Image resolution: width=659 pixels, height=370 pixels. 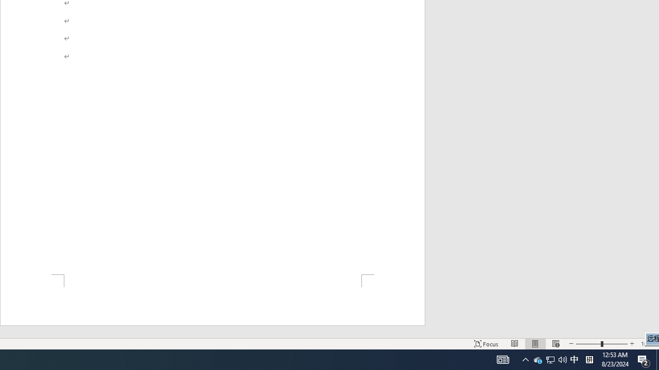 What do you see at coordinates (515, 344) in the screenshot?
I see `'Read Mode'` at bounding box center [515, 344].